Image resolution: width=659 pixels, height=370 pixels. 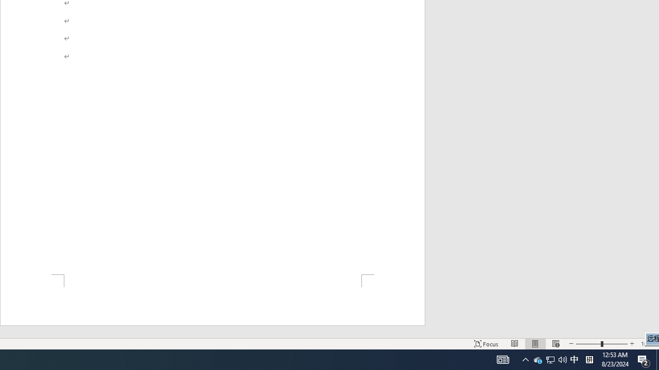 What do you see at coordinates (515, 344) in the screenshot?
I see `'Read Mode'` at bounding box center [515, 344].